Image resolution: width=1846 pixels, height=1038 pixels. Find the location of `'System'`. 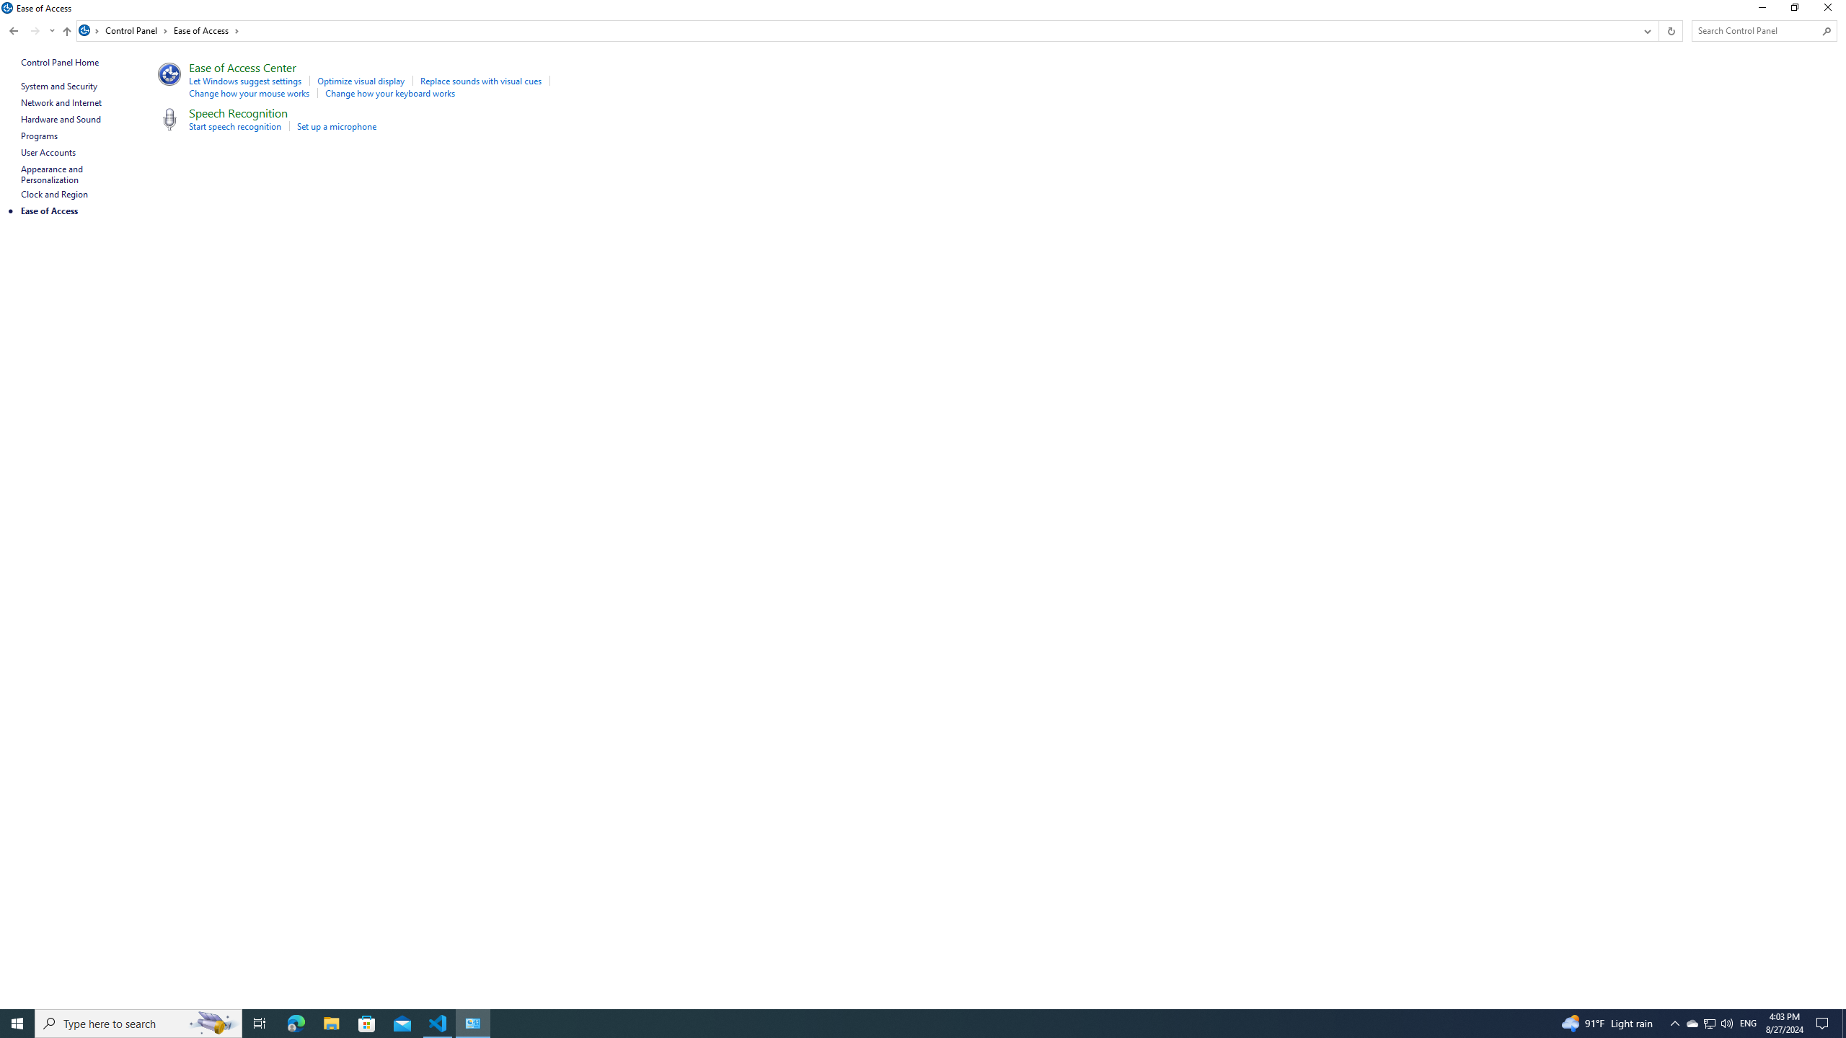

'System' is located at coordinates (8, 6).